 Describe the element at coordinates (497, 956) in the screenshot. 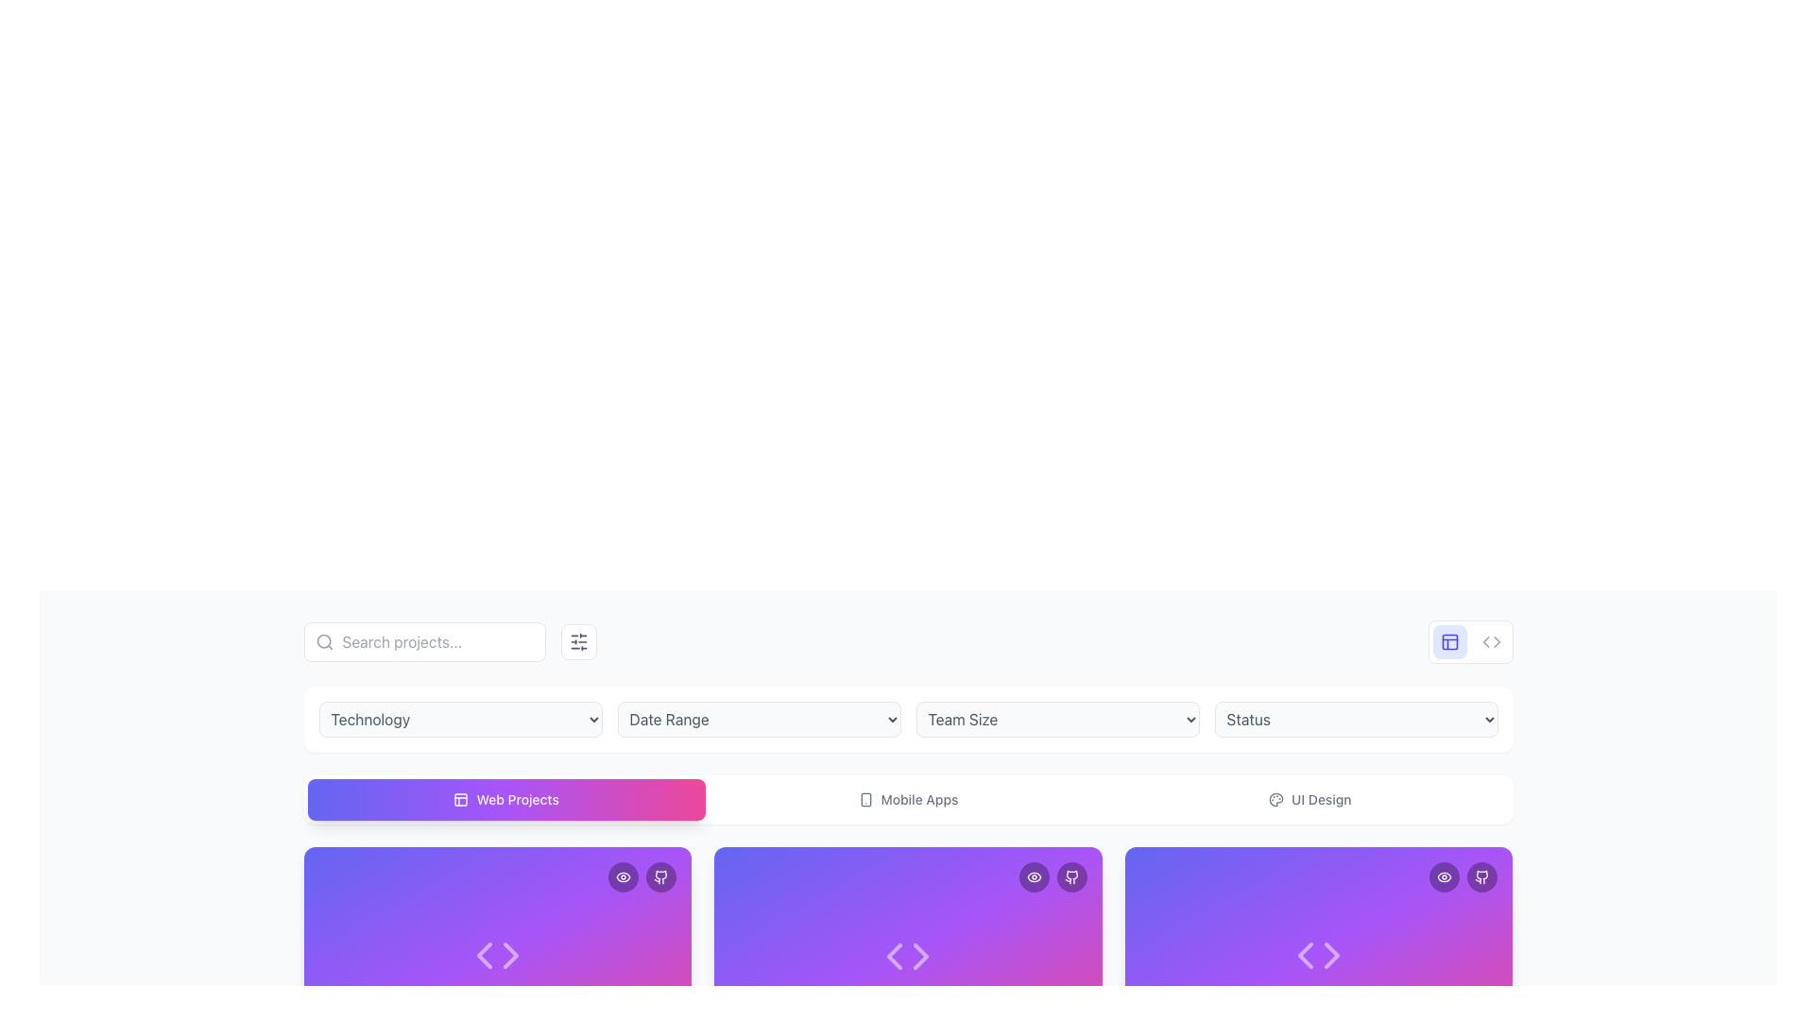

I see `the HTML code icon, which consists of two triangular shapes oriented towards each other, located in the first card of the 'Web Projects' section` at that location.